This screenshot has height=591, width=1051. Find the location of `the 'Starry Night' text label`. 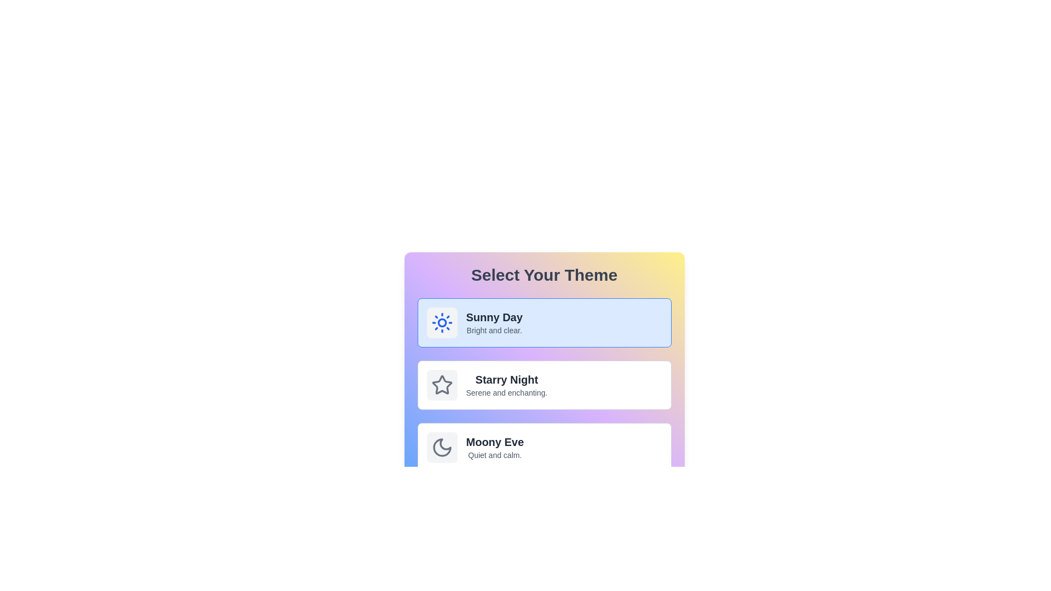

the 'Starry Night' text label is located at coordinates (506, 379).